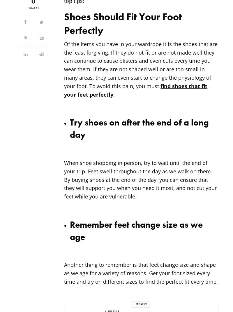 This screenshot has height=312, width=233. Describe the element at coordinates (92, 290) in the screenshot. I see `'Powered by'` at that location.